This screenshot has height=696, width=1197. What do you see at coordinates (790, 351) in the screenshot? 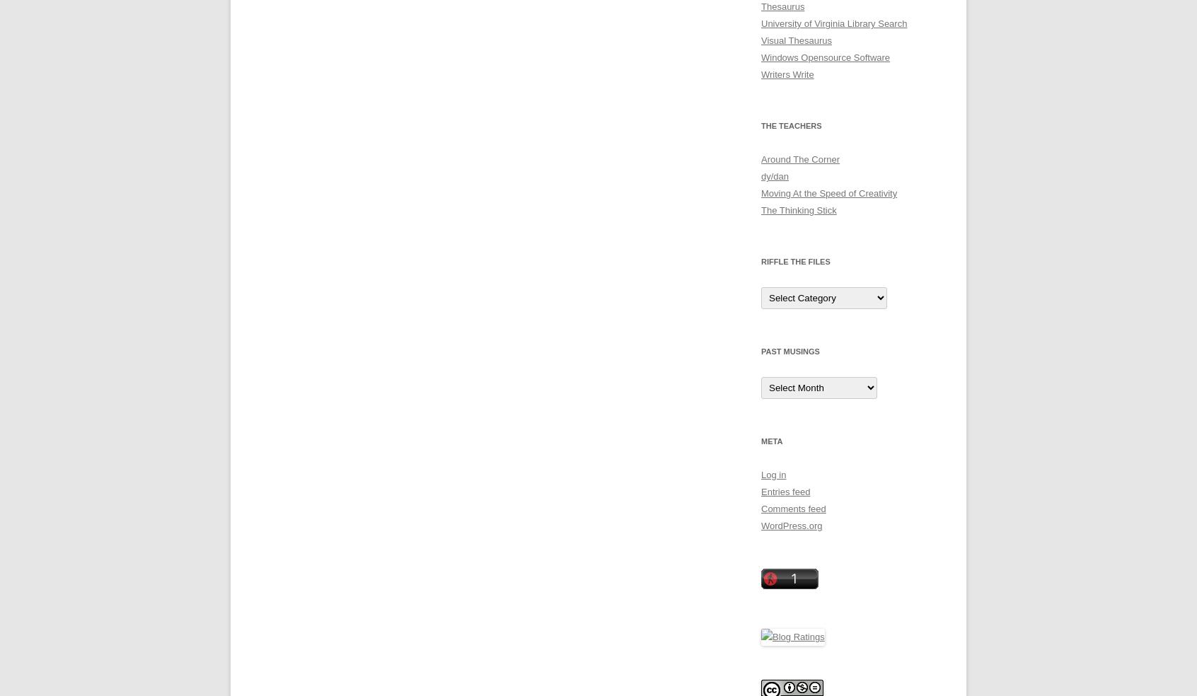
I see `'Past Musings'` at bounding box center [790, 351].